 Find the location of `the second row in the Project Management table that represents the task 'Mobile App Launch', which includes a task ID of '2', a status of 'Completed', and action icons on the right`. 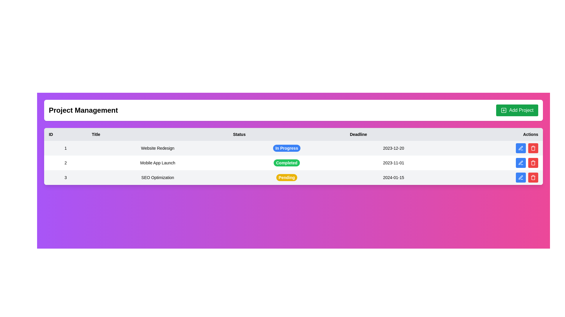

the second row in the Project Management table that represents the task 'Mobile App Launch', which includes a task ID of '2', a status of 'Completed', and action icons on the right is located at coordinates (293, 163).